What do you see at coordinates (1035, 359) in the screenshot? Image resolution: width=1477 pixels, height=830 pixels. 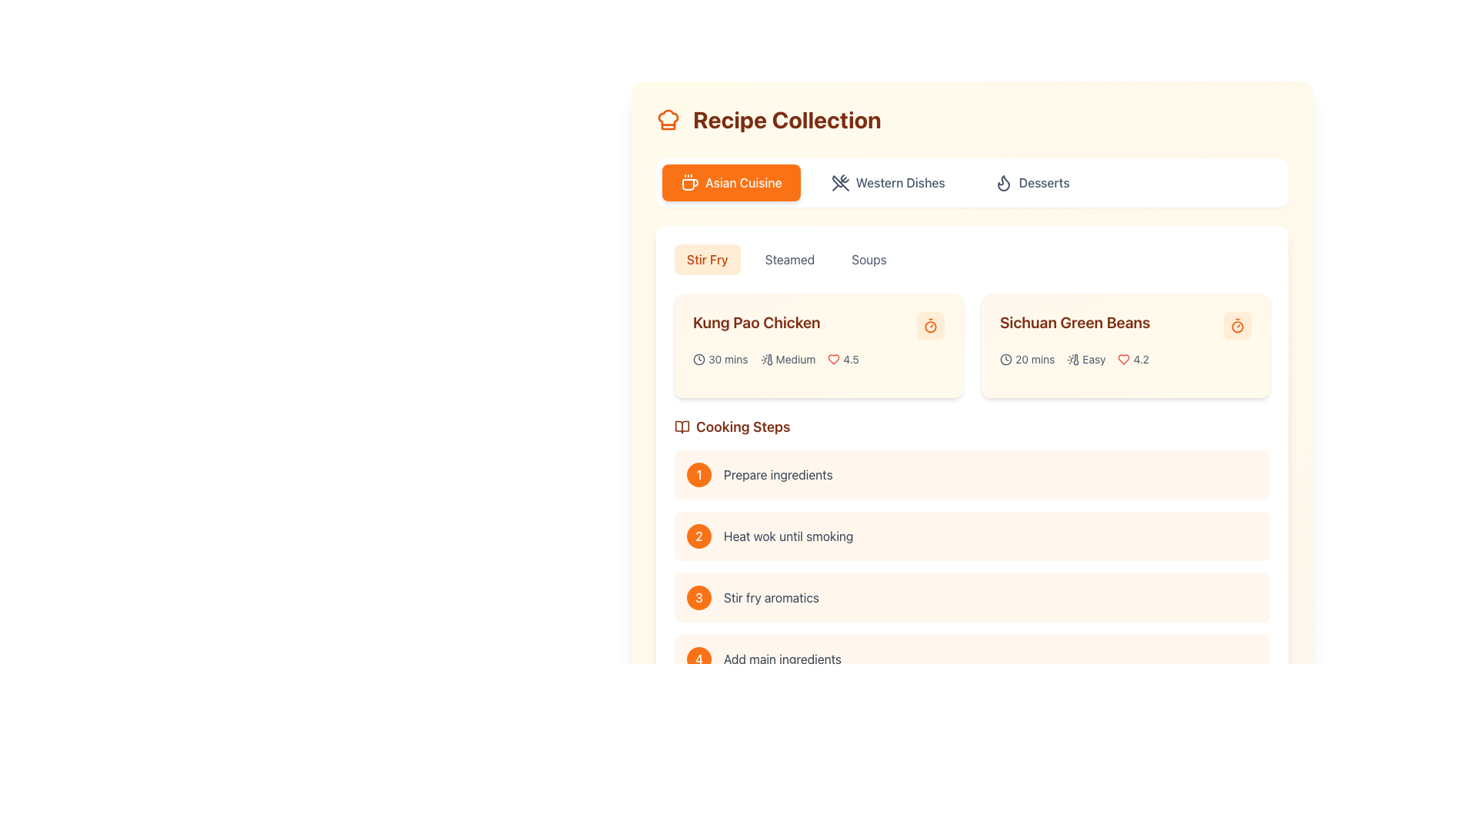 I see `the static text label that indicates the preparation or cooking time for the 'Sichuan Green Beans' recipe, located to the right of the clock icon in the upper part of the card` at bounding box center [1035, 359].